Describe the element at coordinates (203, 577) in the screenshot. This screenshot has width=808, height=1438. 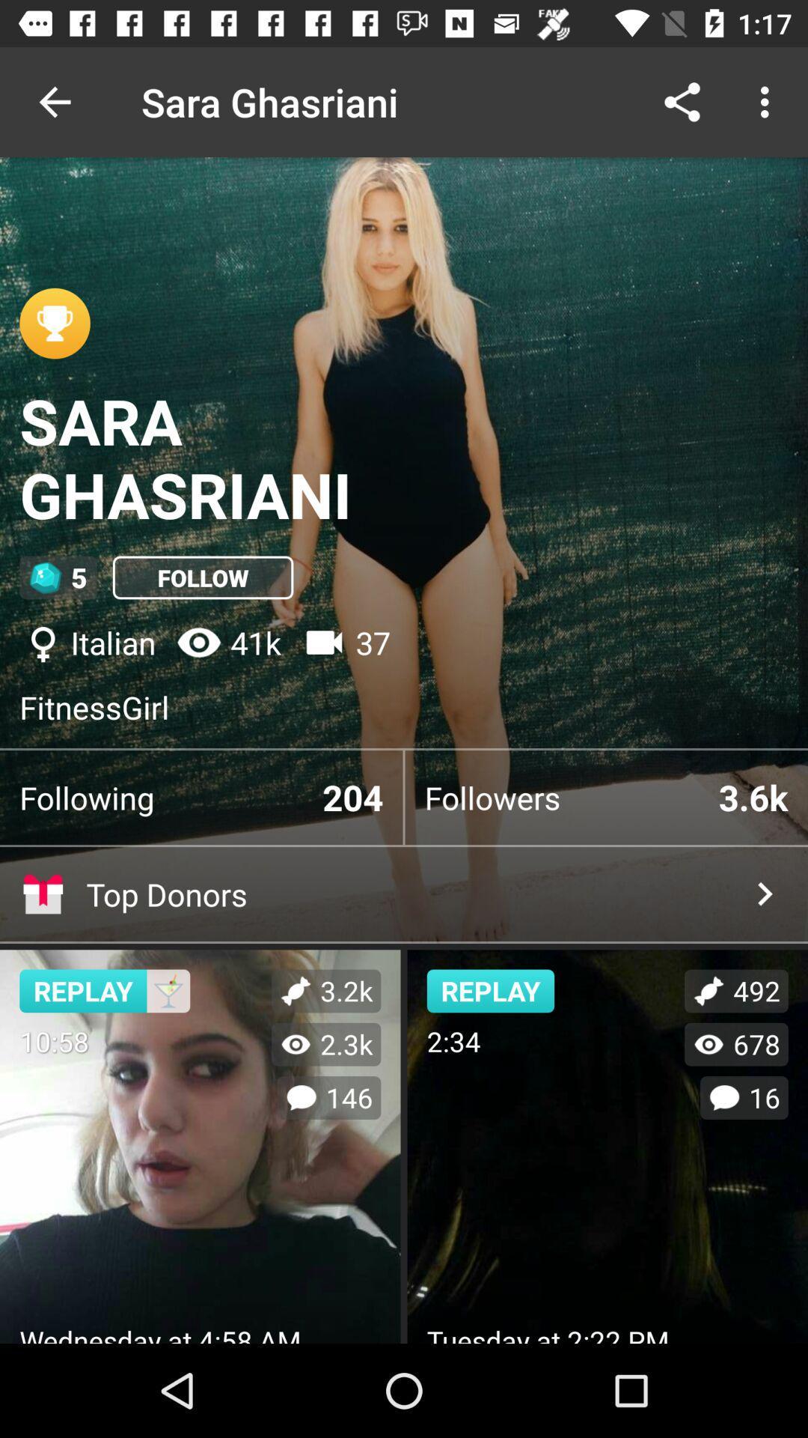
I see `the item to the right of 5 item` at that location.